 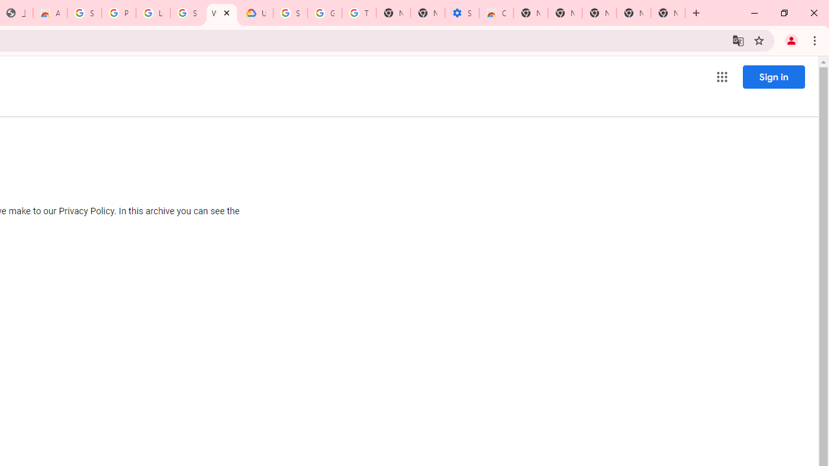 I want to click on 'Turn cookies on or off - Computer - Google Account Help', so click(x=359, y=13).